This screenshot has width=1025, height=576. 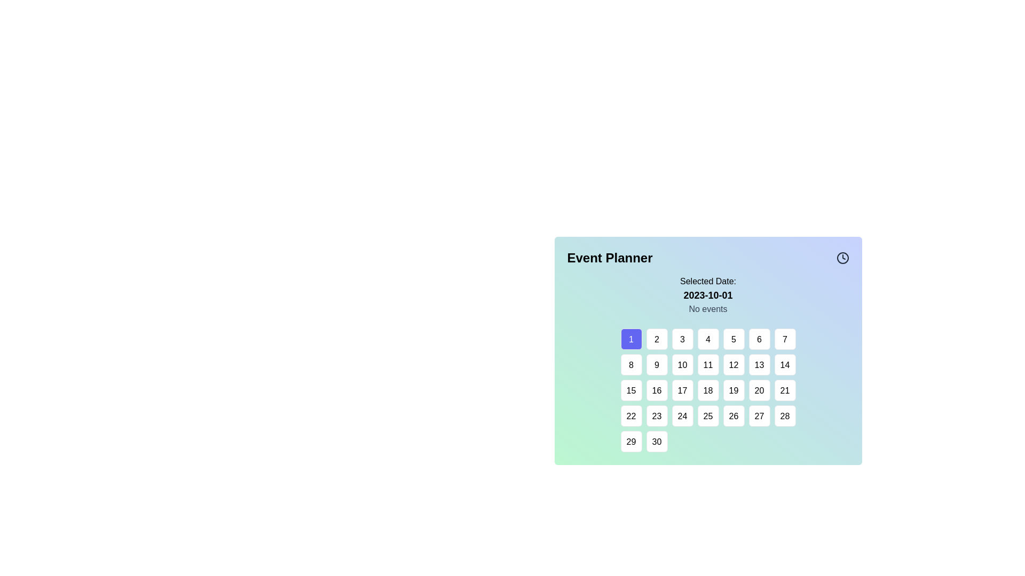 I want to click on the static text displaying the date '2023-10-01', which is bold and positioned below the label 'Selected Date:' and above 'No events', so click(x=708, y=295).